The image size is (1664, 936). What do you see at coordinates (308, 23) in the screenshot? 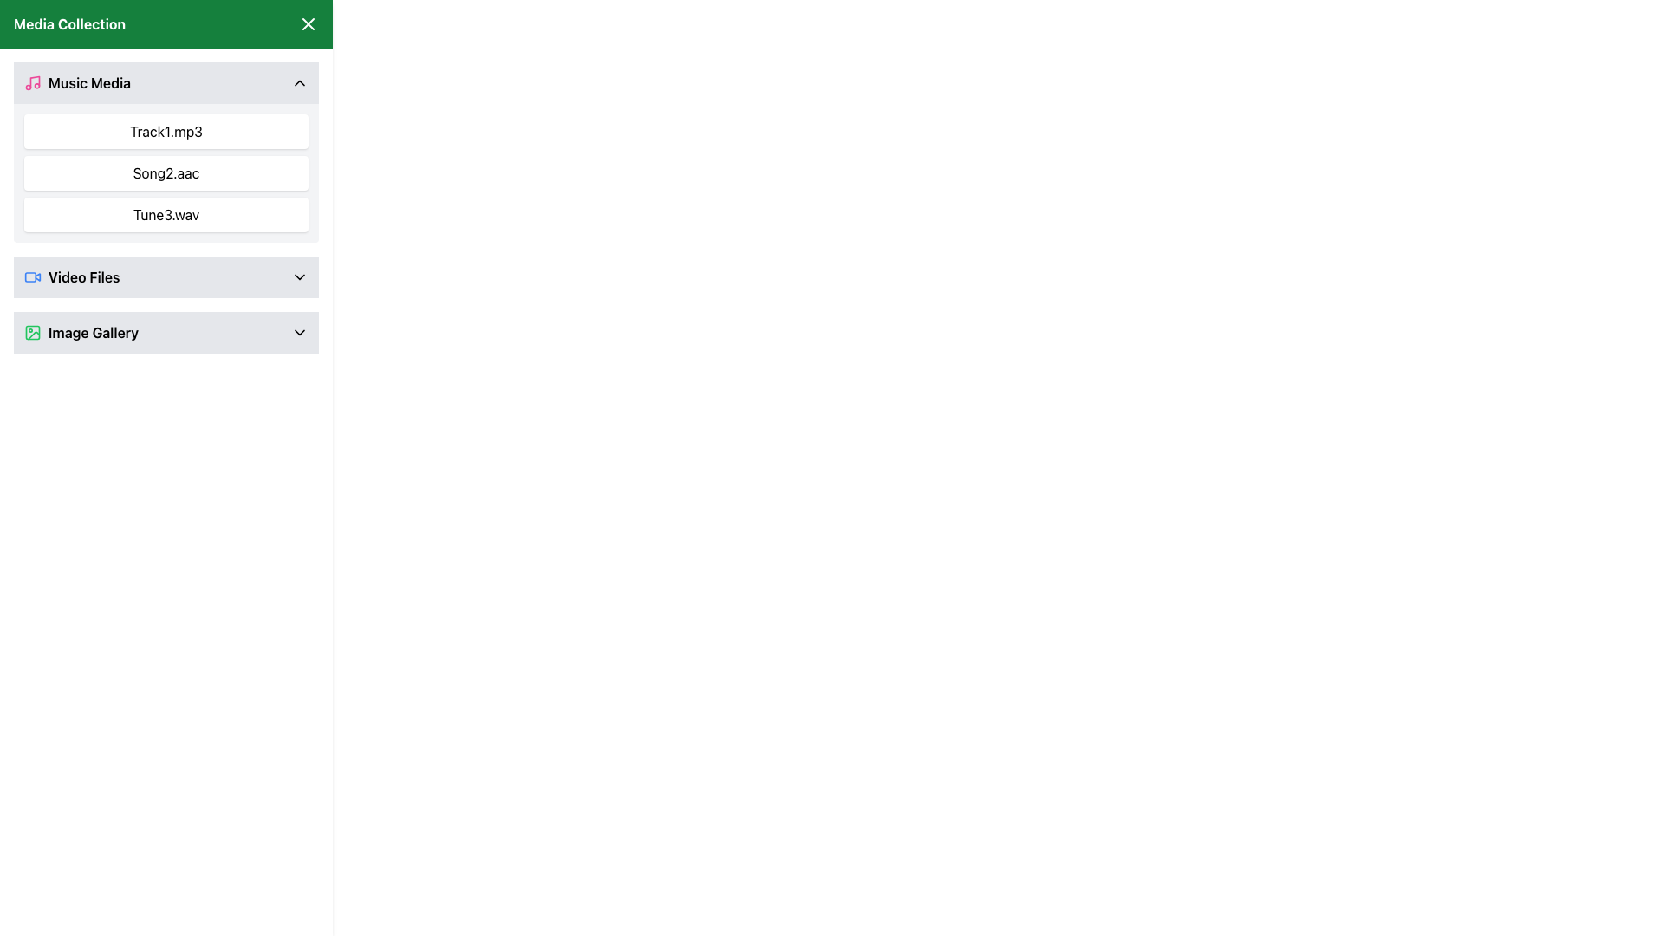
I see `the diagonal cross icon button` at bounding box center [308, 23].